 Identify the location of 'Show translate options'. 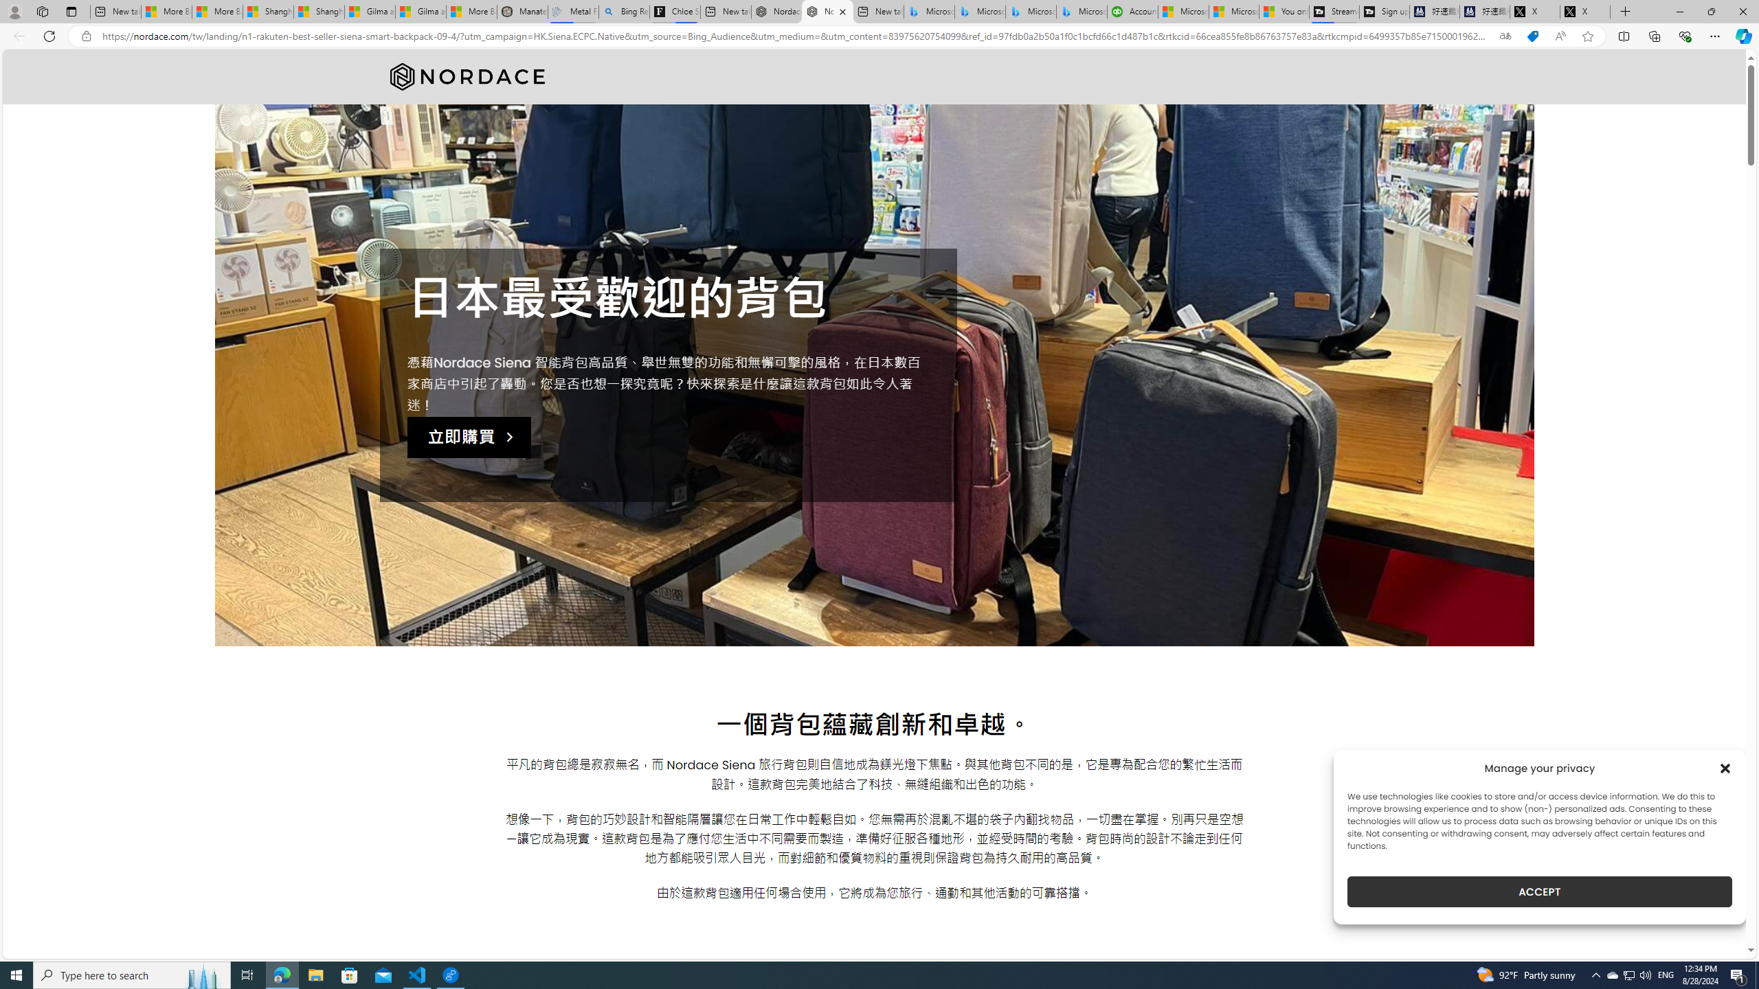
(1505, 36).